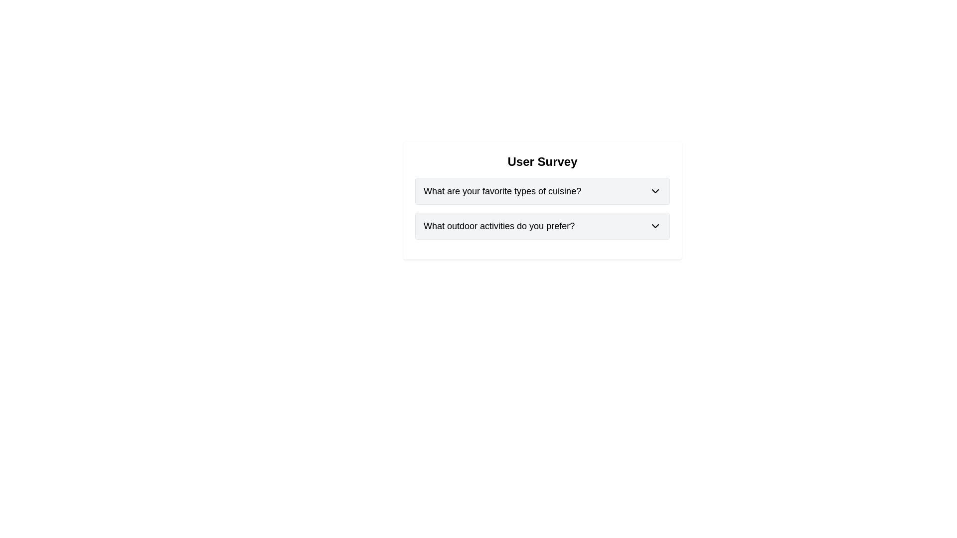 This screenshot has height=538, width=957. What do you see at coordinates (655, 226) in the screenshot?
I see `the downward chevron icon located to the far right of the question 'What outdoor activities do you prefer?'` at bounding box center [655, 226].